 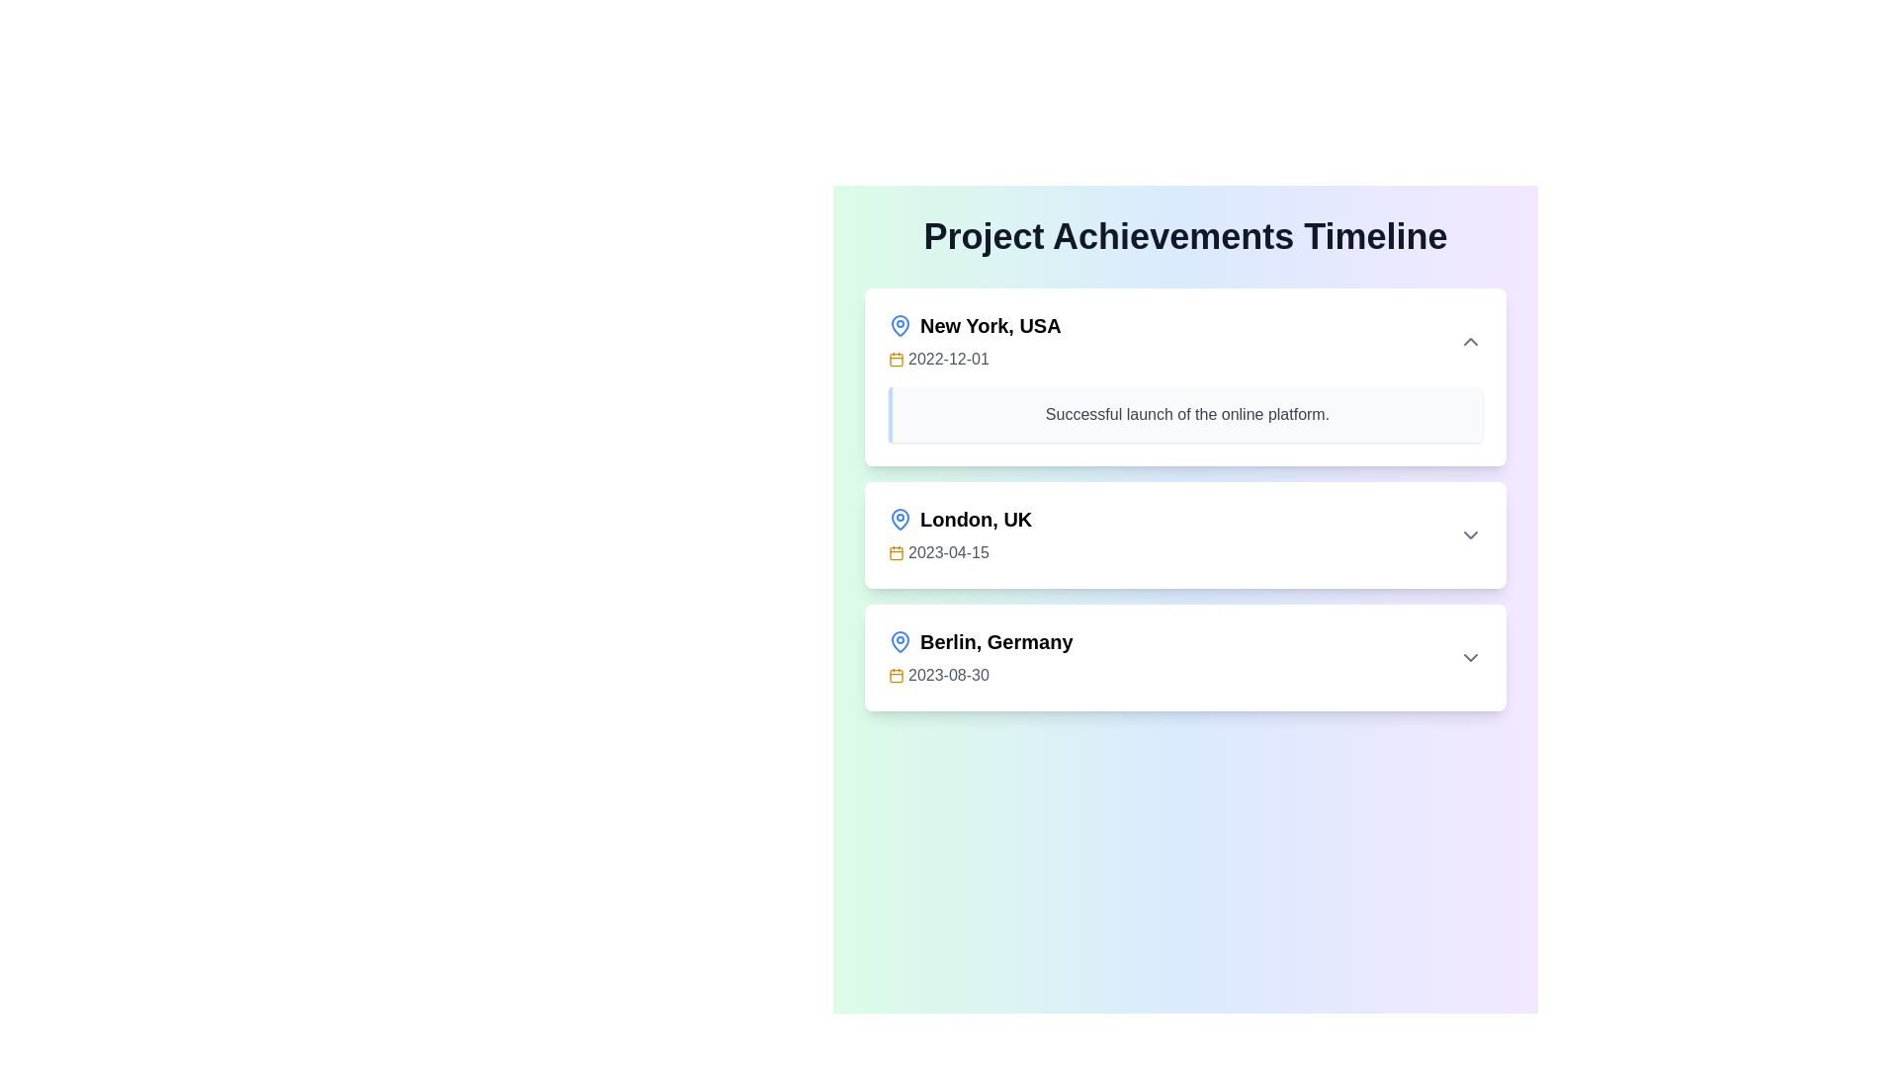 What do you see at coordinates (981, 642) in the screenshot?
I see `the 'Berlin, Germany' text label with icon, which is styled in bold and slightly larger font, located in the third block of a vertical list, positioned above the date '2023-08-30'` at bounding box center [981, 642].